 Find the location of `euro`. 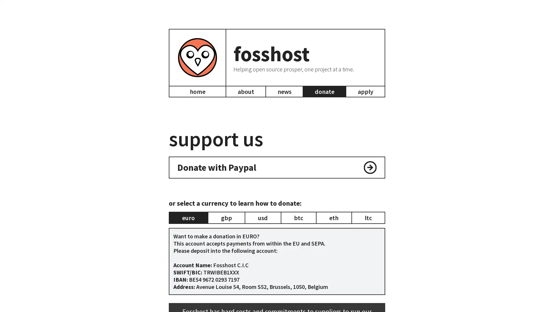

euro is located at coordinates (188, 218).